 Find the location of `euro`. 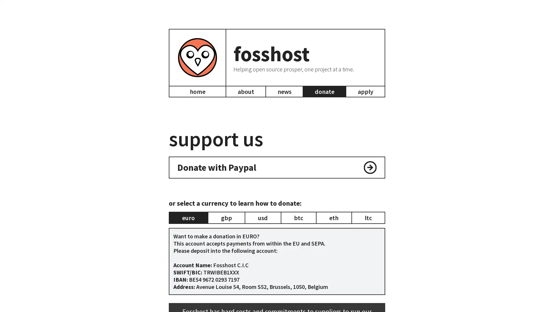

euro is located at coordinates (188, 218).